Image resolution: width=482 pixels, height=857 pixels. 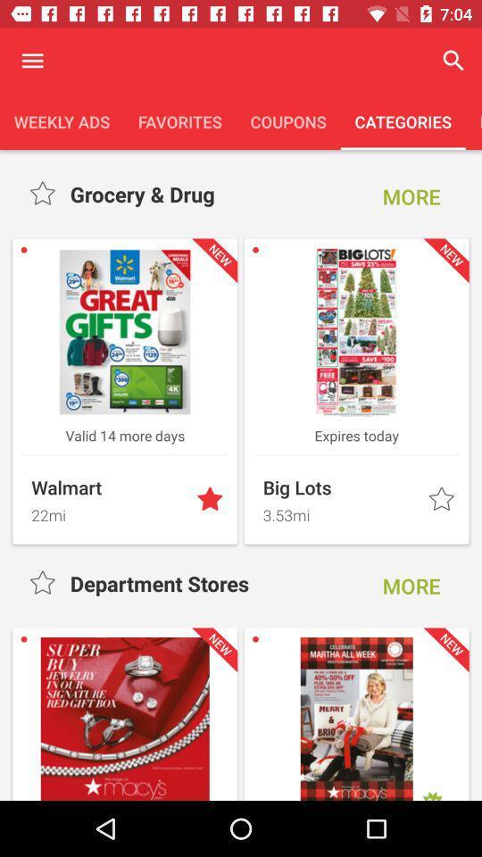 I want to click on the star button which is next to walmart, so click(x=212, y=500).